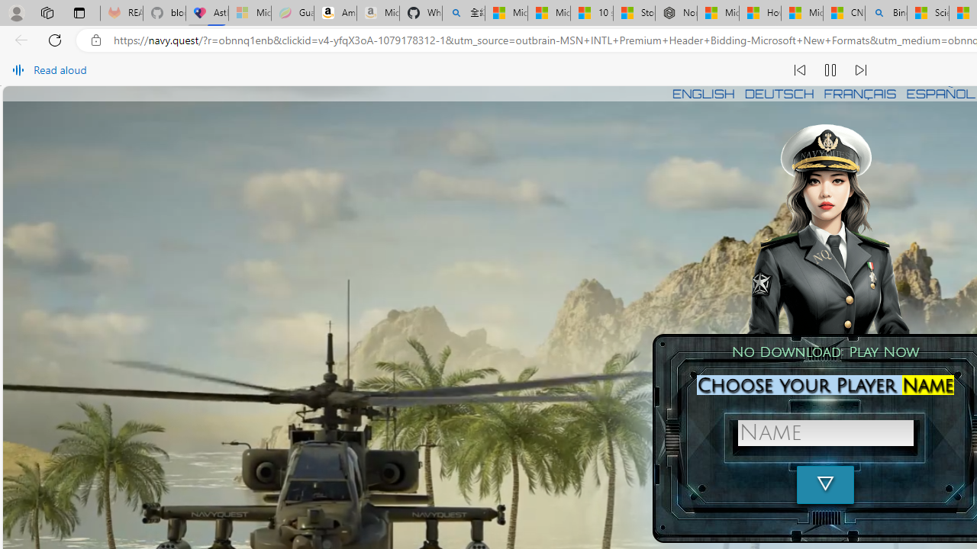 The image size is (977, 549). Describe the element at coordinates (634, 13) in the screenshot. I see `'Stocks - MSN'` at that location.